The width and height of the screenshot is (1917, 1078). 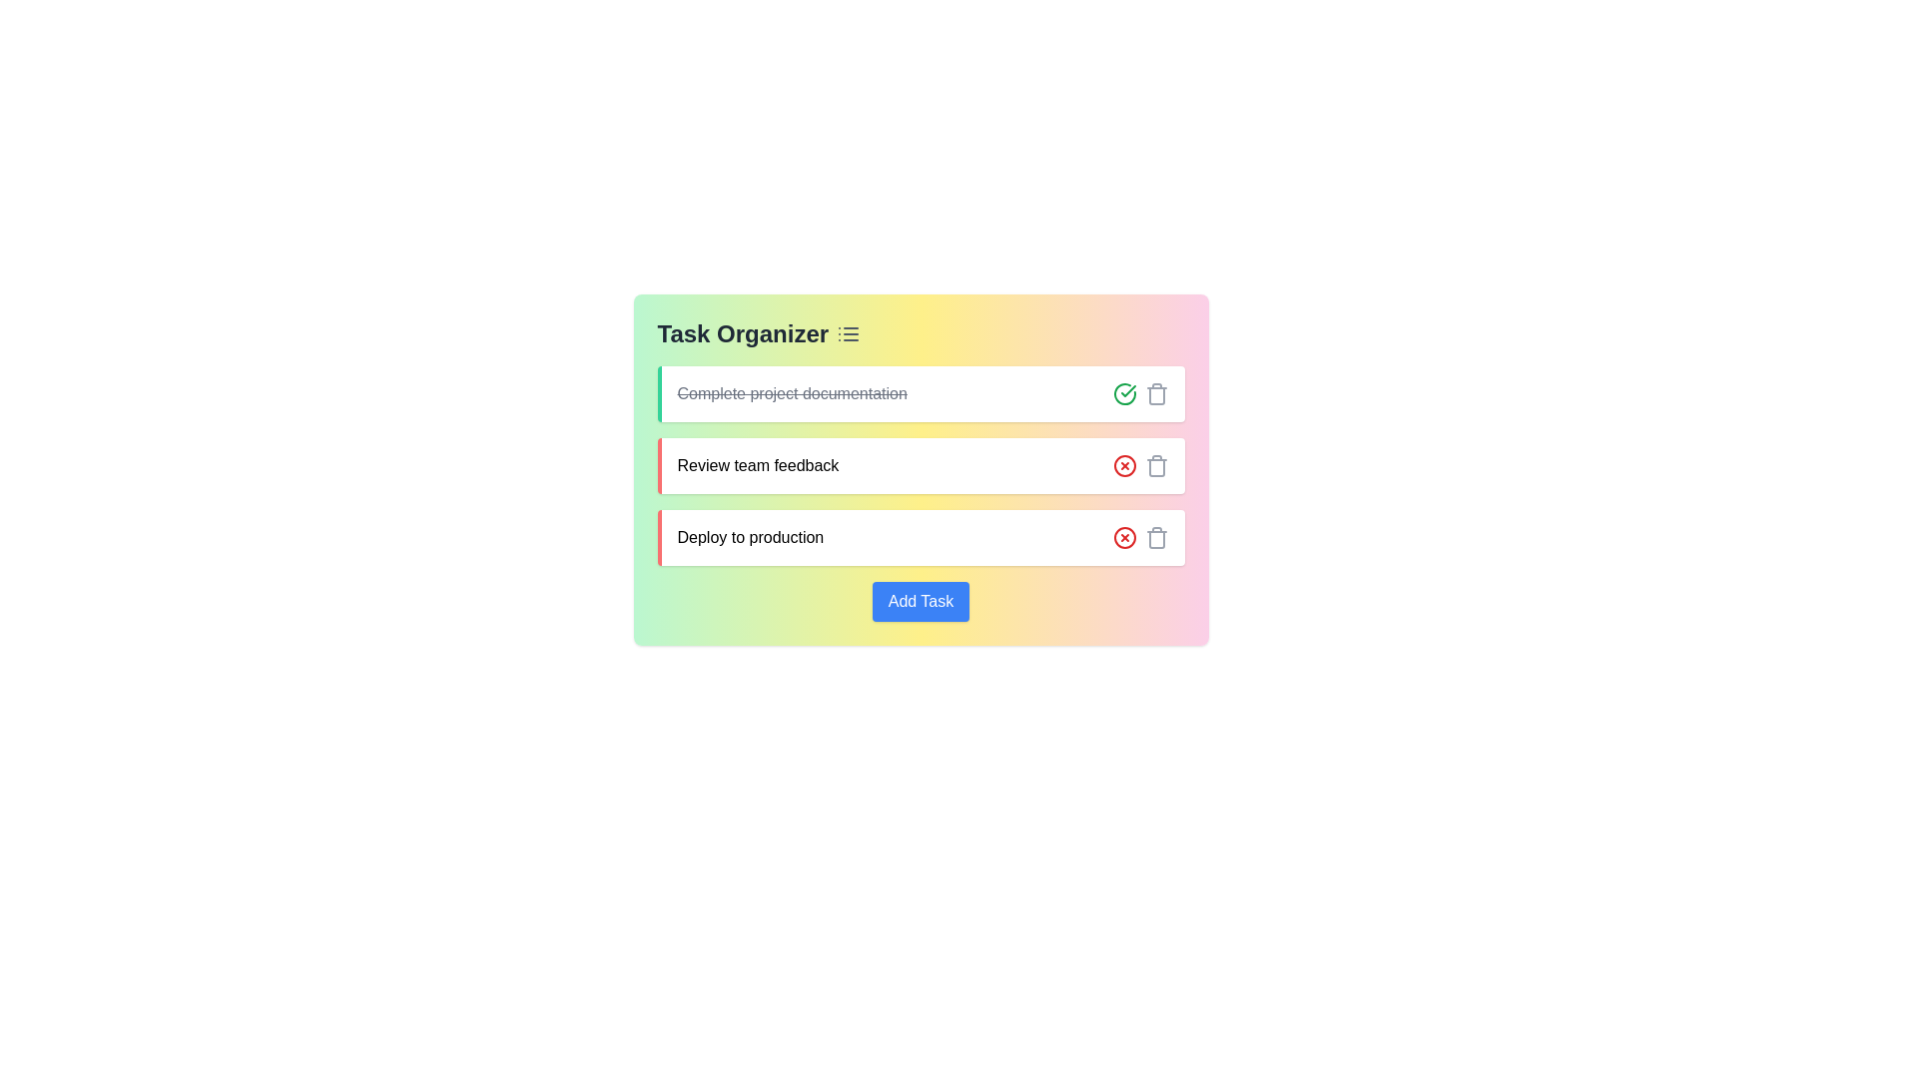 What do you see at coordinates (791, 393) in the screenshot?
I see `the completed task text element marked with a strikethrough, which is located at the top left of the first task card in the task management interface` at bounding box center [791, 393].